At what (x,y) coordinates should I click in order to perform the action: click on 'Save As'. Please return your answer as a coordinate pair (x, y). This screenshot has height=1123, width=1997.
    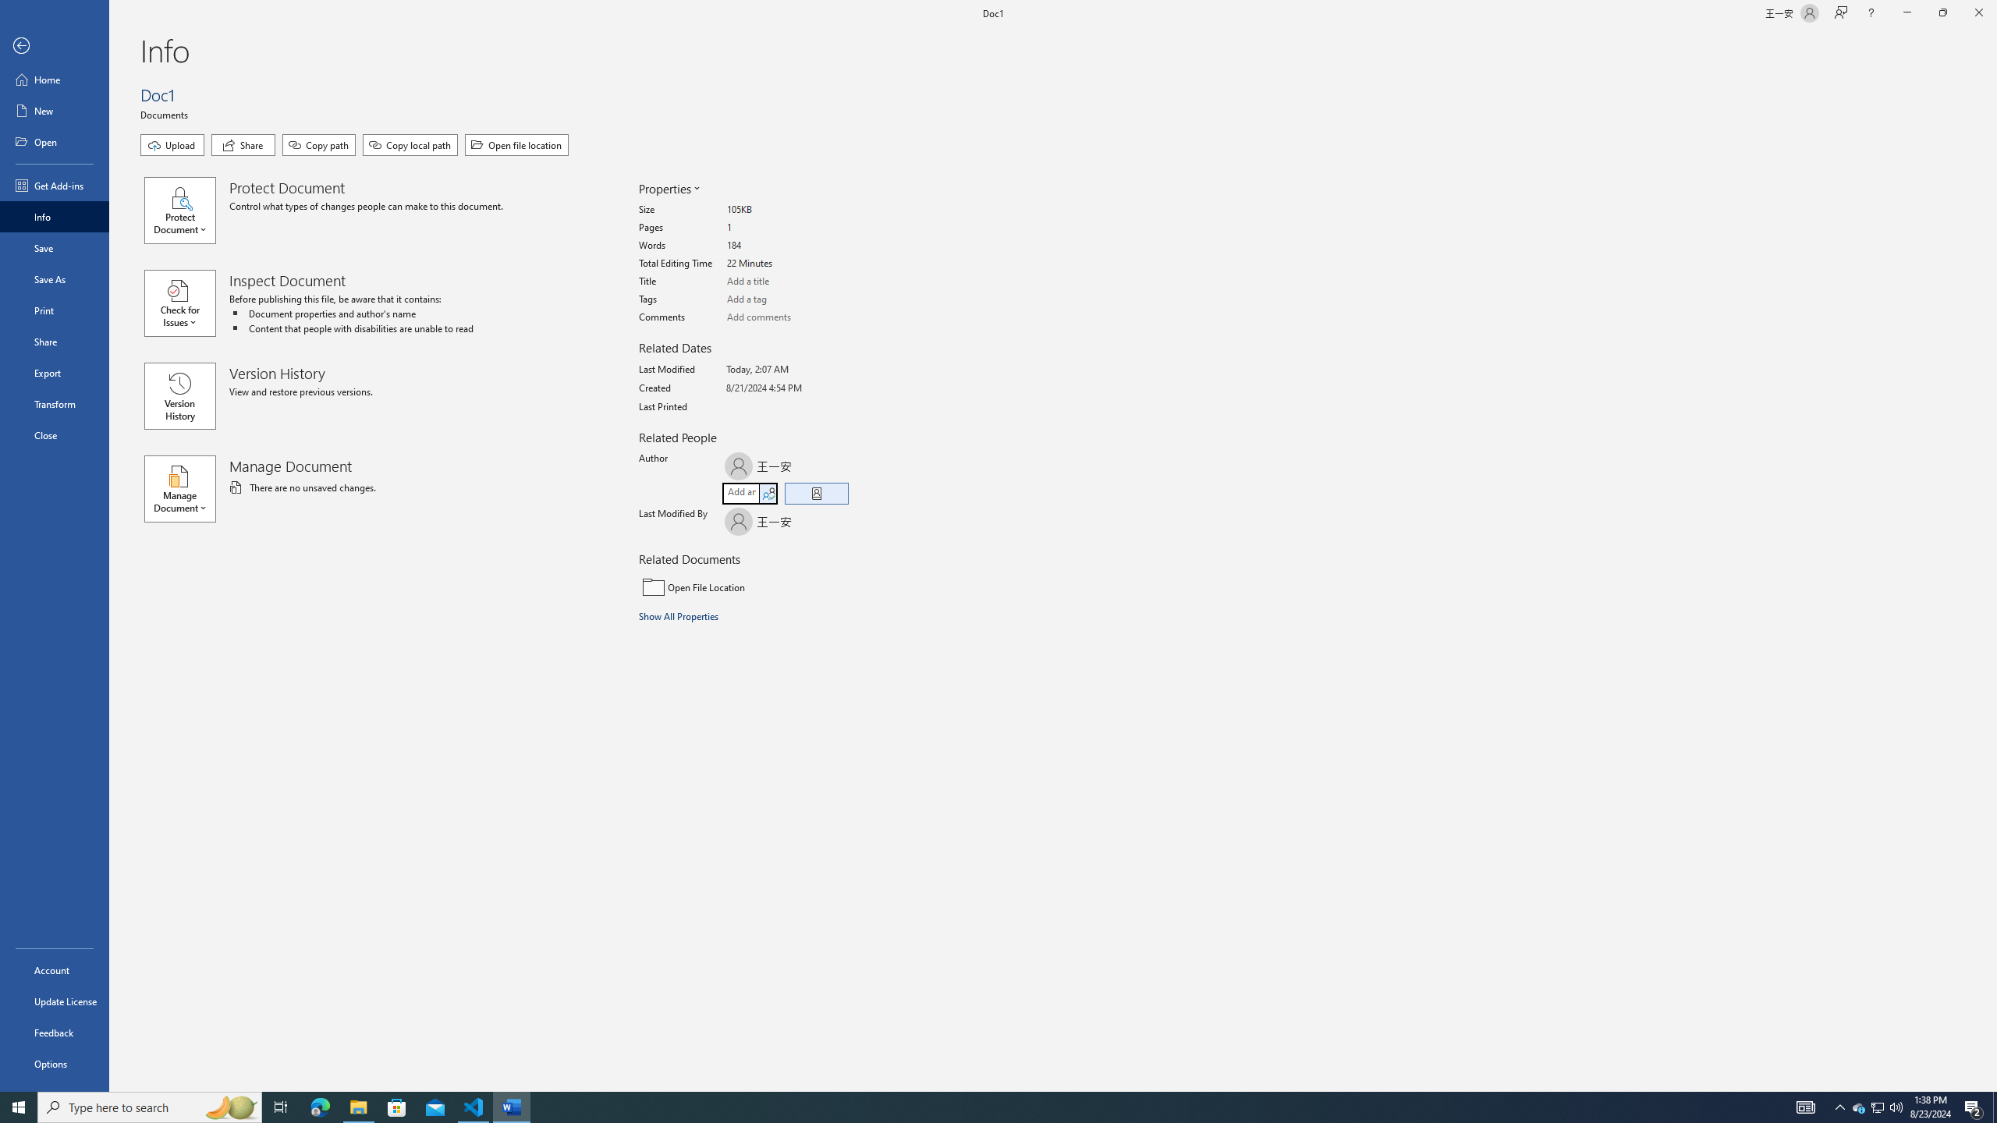
    Looking at the image, I should click on (54, 278).